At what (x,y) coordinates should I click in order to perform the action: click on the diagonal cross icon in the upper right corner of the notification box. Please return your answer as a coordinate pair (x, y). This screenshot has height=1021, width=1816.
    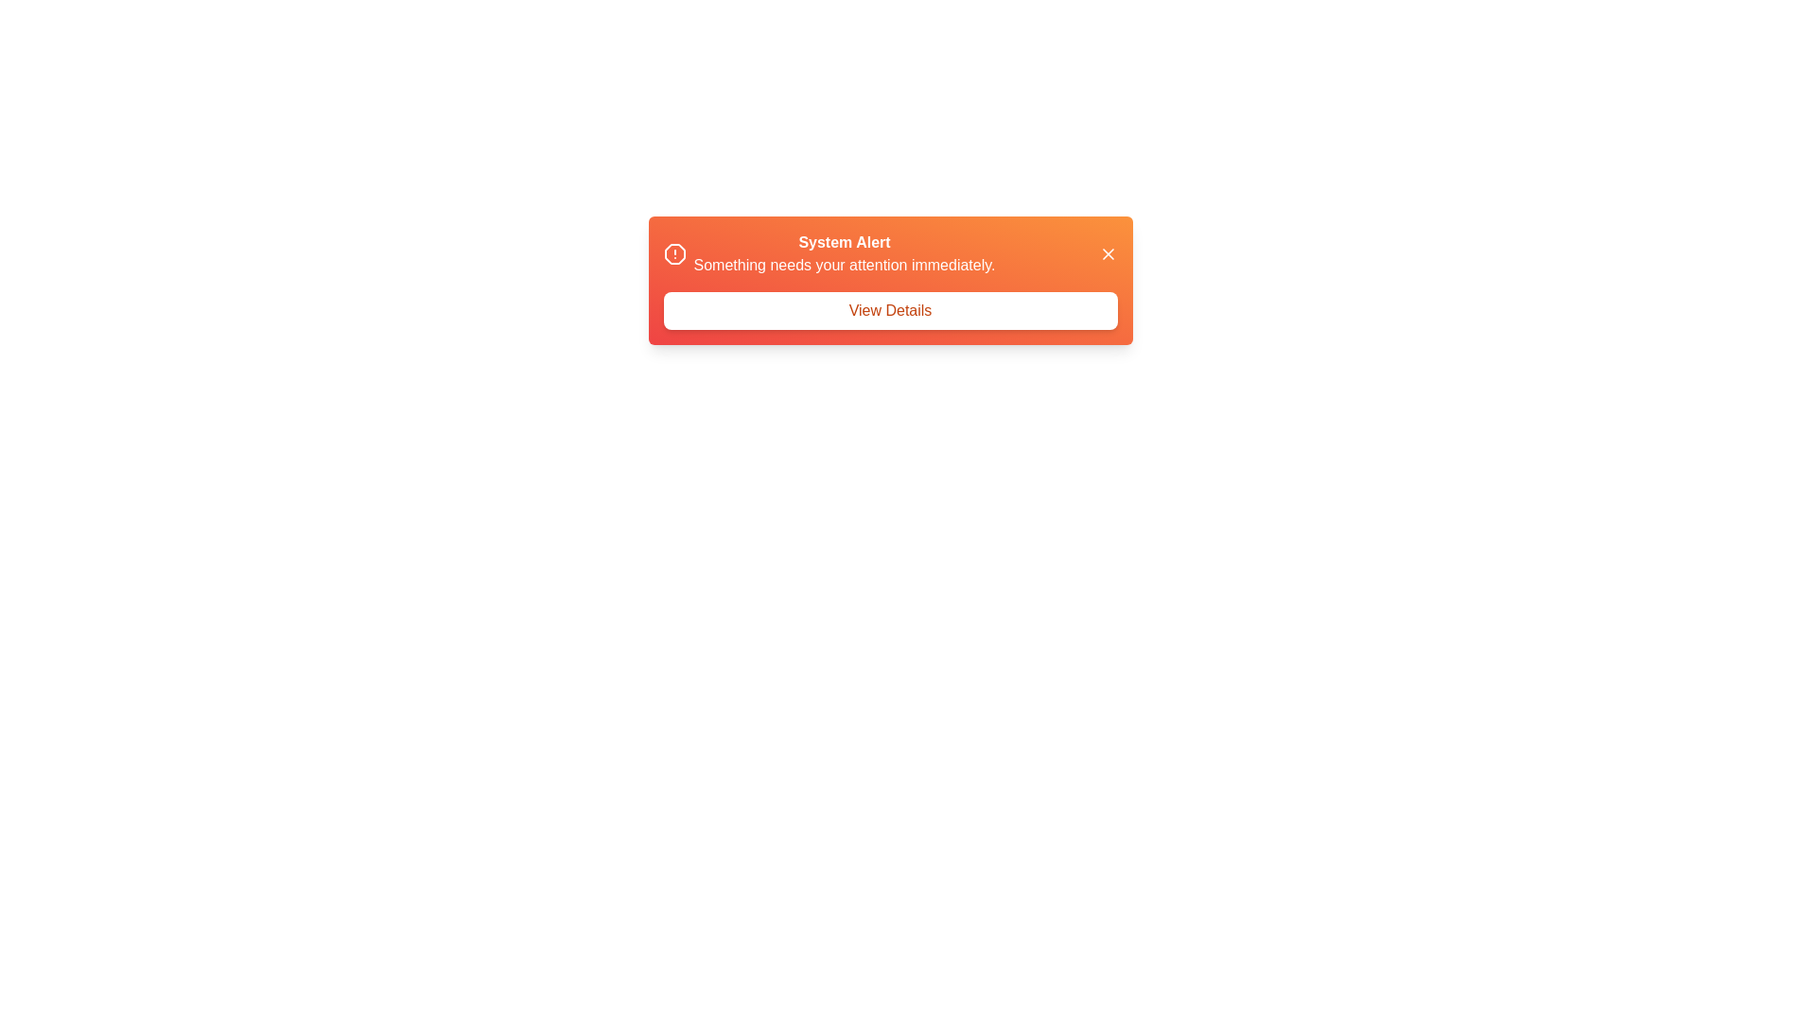
    Looking at the image, I should click on (1108, 253).